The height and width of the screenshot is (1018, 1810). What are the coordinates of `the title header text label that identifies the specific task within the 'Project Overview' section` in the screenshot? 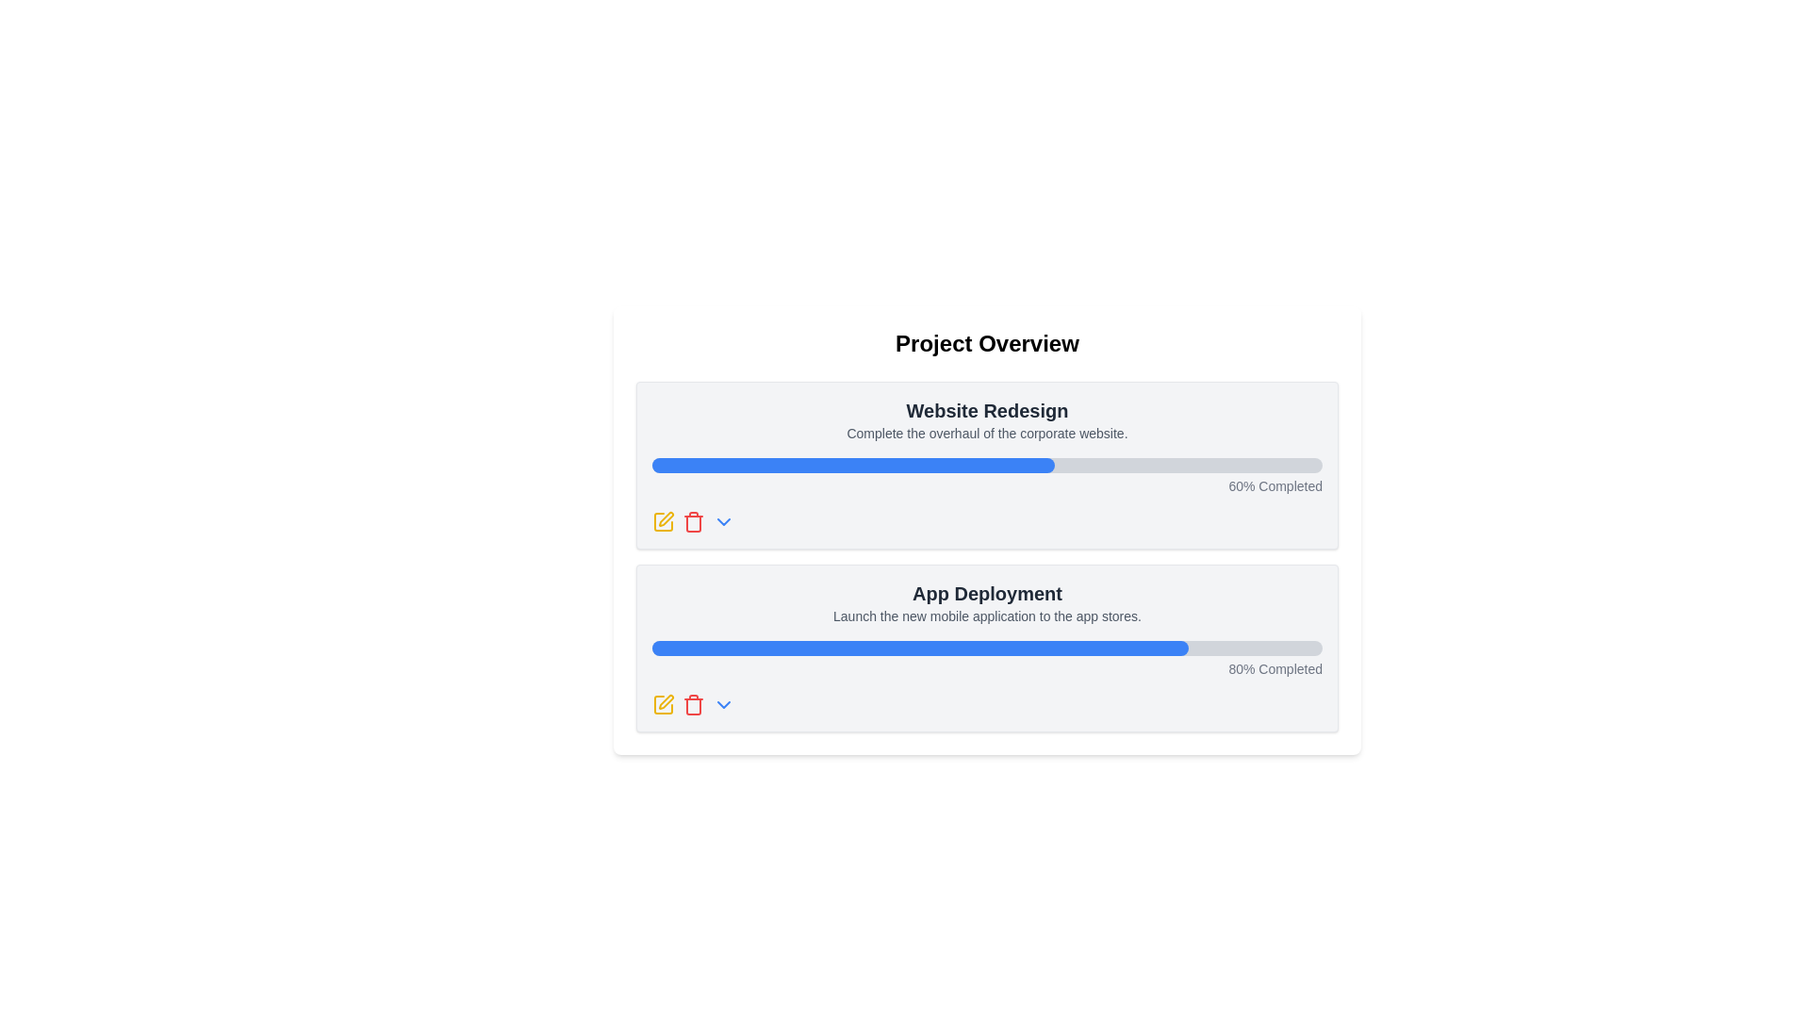 It's located at (986, 409).